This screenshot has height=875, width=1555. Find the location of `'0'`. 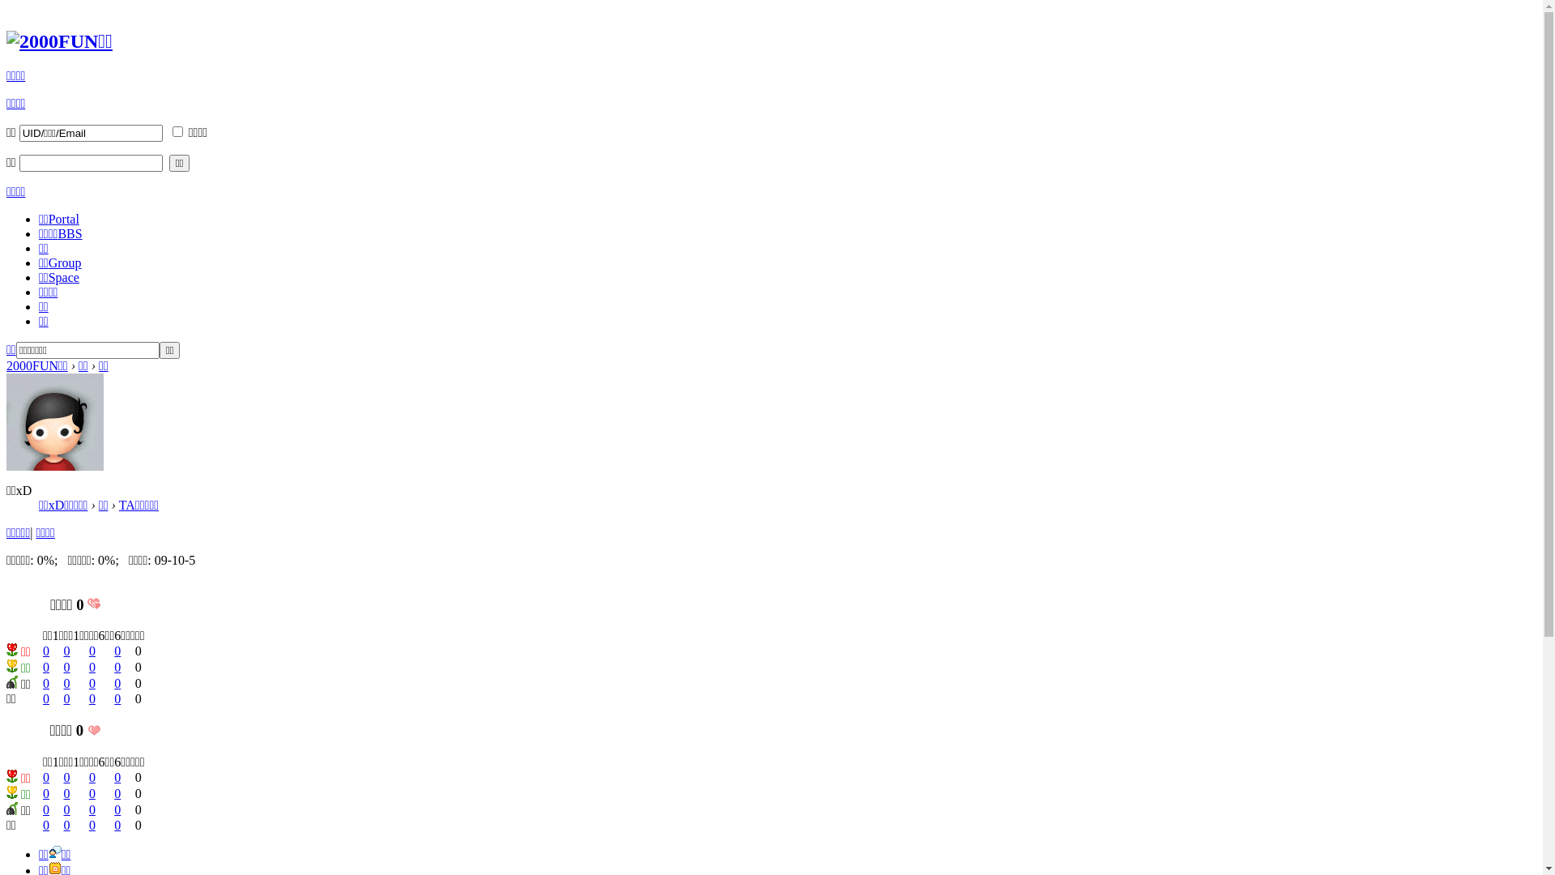

'0' is located at coordinates (66, 698).